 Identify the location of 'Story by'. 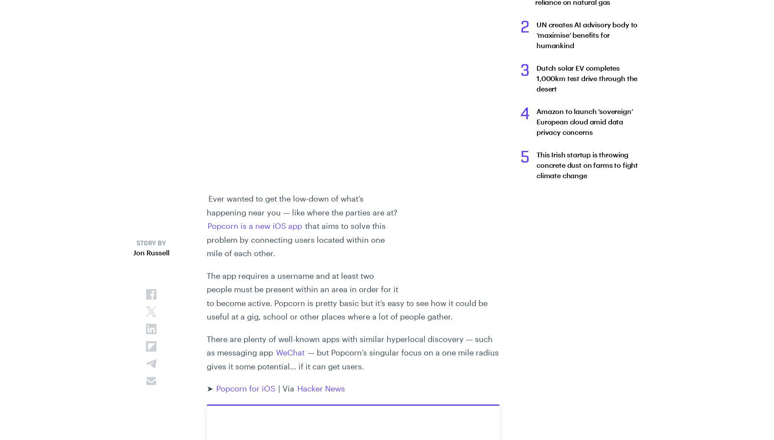
(151, 244).